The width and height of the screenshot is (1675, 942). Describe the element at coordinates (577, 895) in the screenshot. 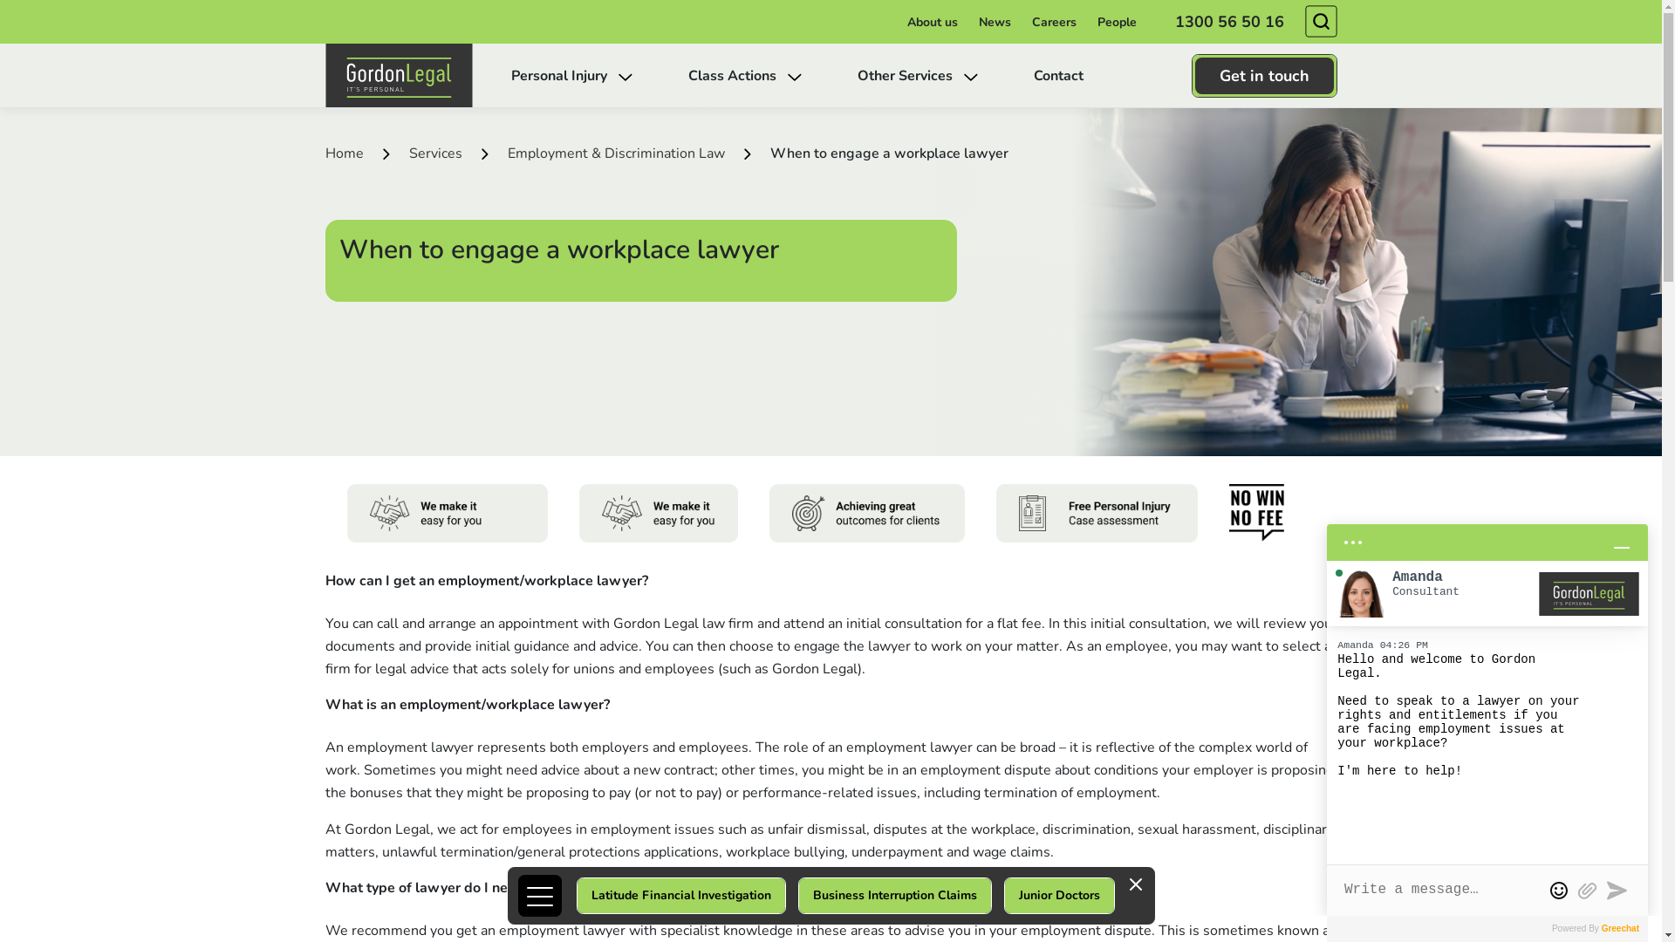

I see `'Latitude Financial Investigation'` at that location.